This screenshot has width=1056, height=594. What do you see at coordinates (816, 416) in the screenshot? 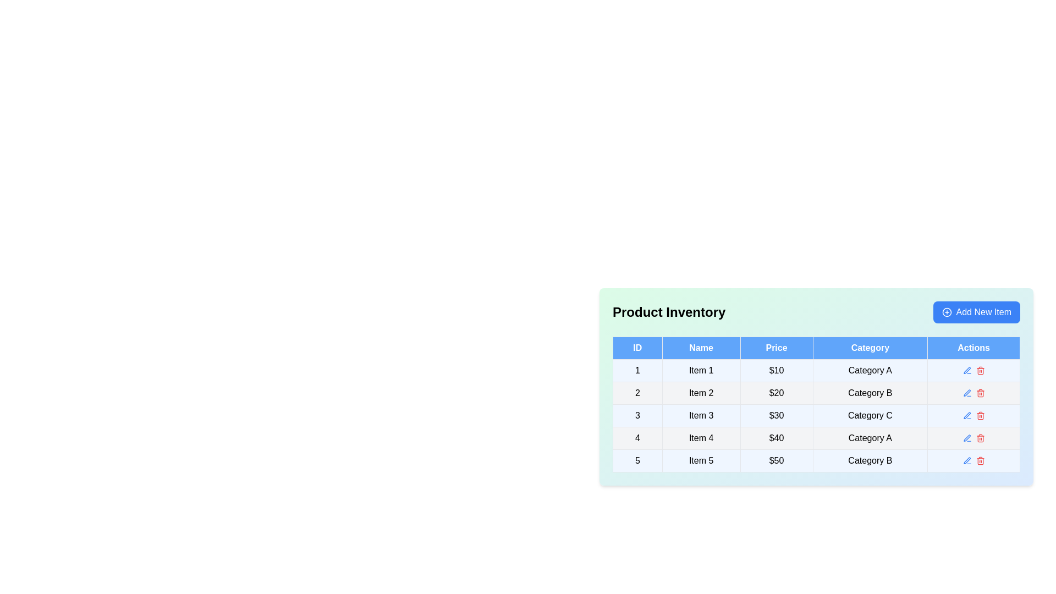
I see `the third row of the 'Product Inventory' data table` at bounding box center [816, 416].